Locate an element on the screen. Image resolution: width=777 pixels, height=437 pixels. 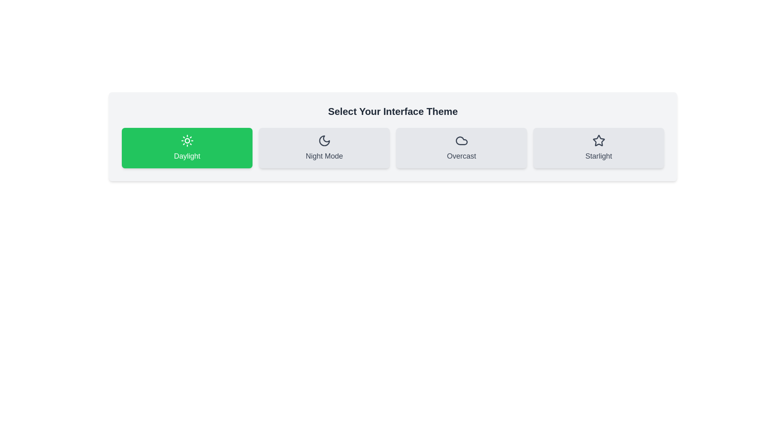
the theme button labeled Starlight is located at coordinates (599, 148).